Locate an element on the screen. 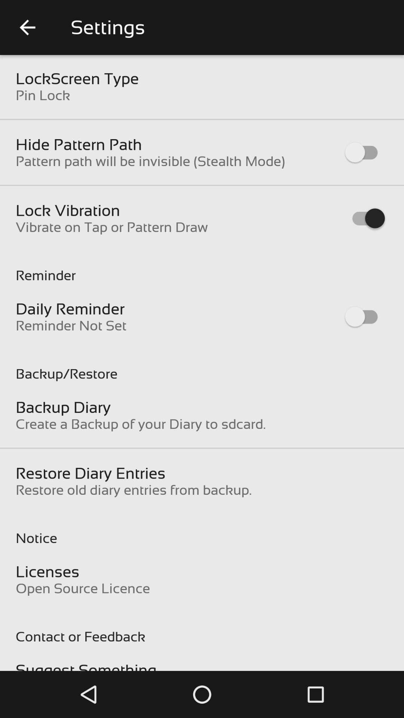 The image size is (404, 718). icon below restore old diary is located at coordinates (202, 530).